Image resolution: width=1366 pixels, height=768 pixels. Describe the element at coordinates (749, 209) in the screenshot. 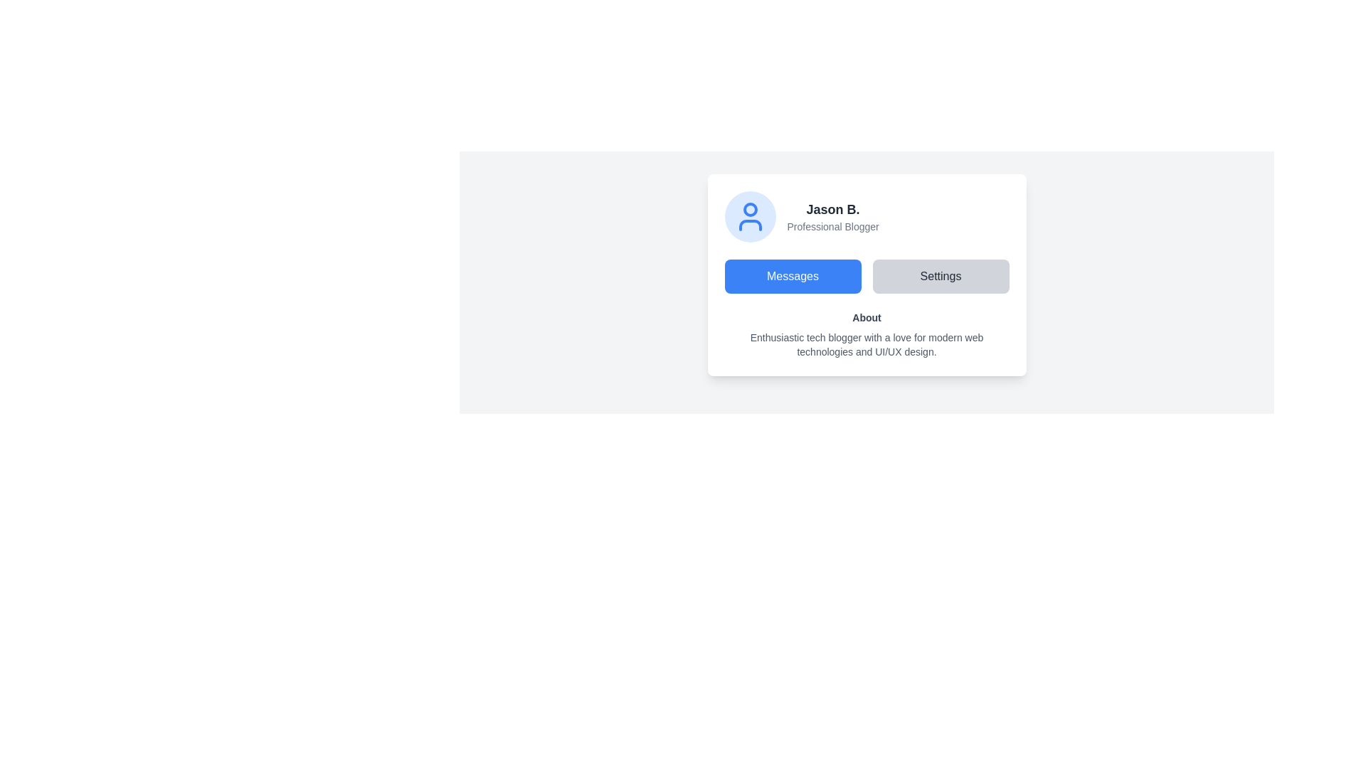

I see `the circular head element of the user profile icon, which is part of the graphical representation at the top-left portion of the card` at that location.